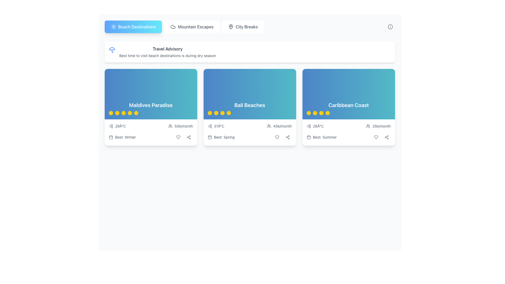 The image size is (505, 284). Describe the element at coordinates (315, 126) in the screenshot. I see `the Label displaying '28°C' with a thermometer and sun icon, located in the bottom section of the 'Caribbean Coast' card, to the left of '35k/month'` at that location.